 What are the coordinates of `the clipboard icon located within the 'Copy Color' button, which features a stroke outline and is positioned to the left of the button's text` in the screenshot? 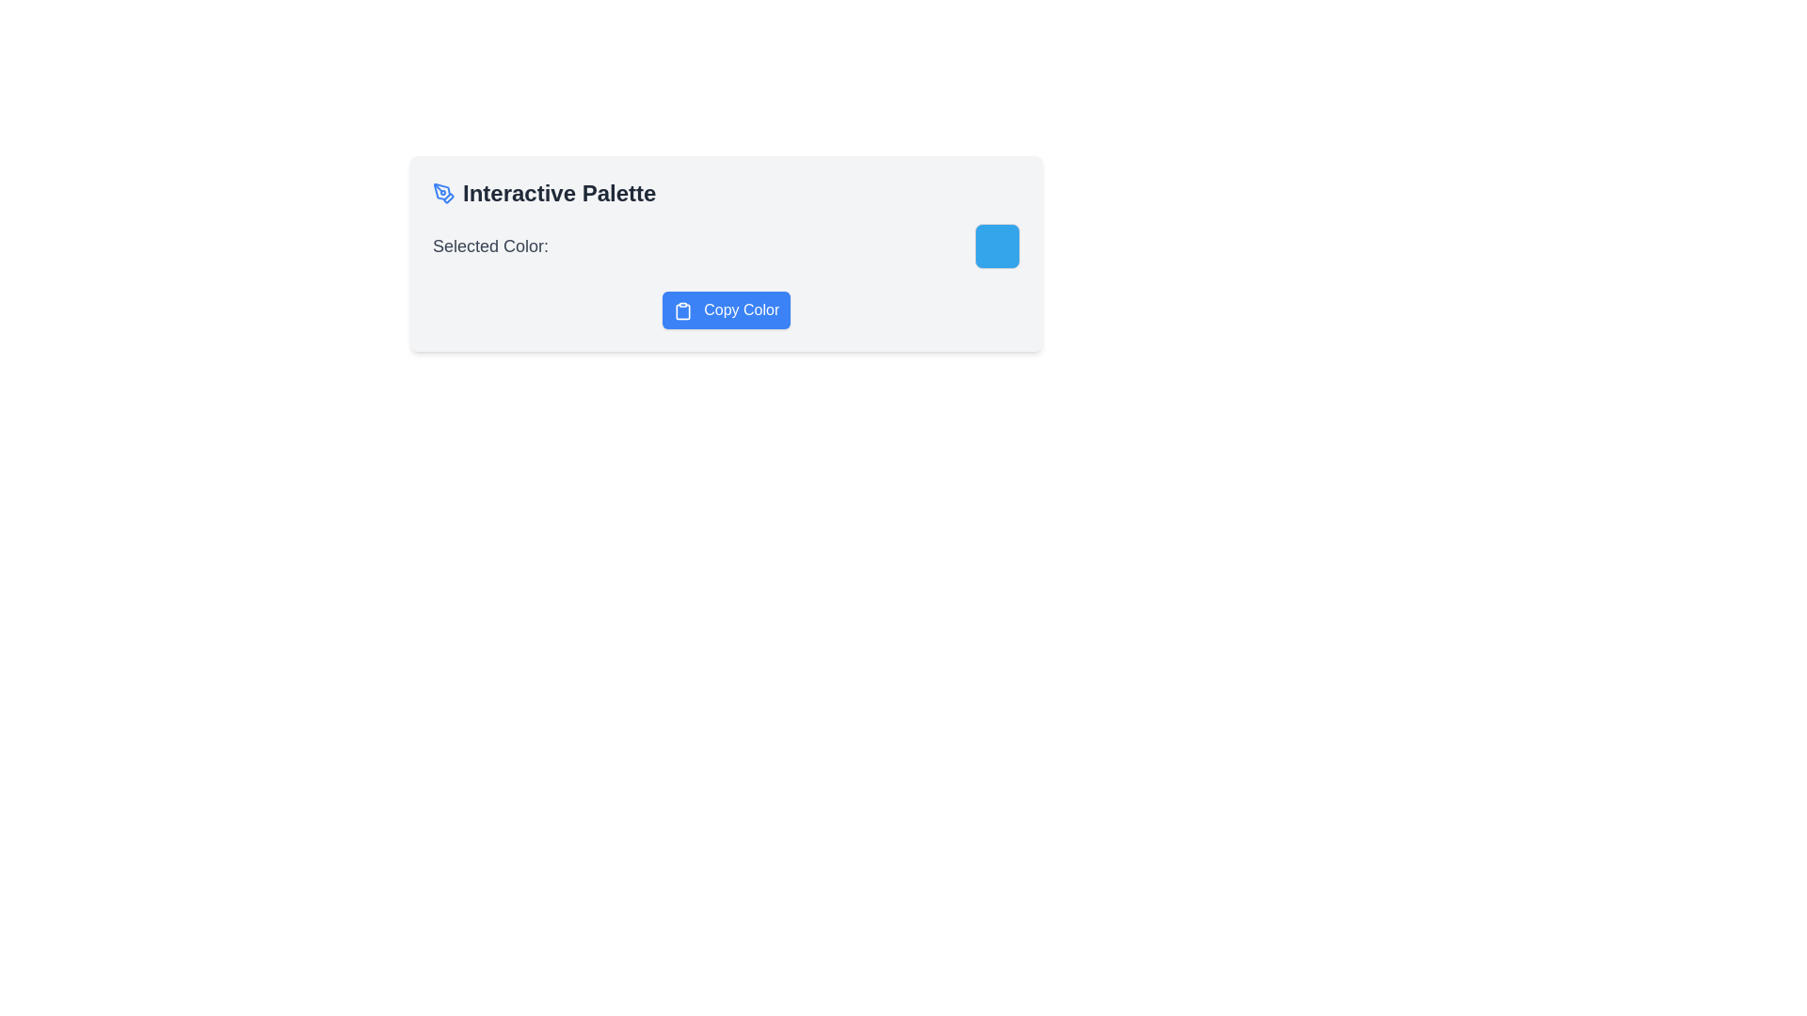 It's located at (681, 310).